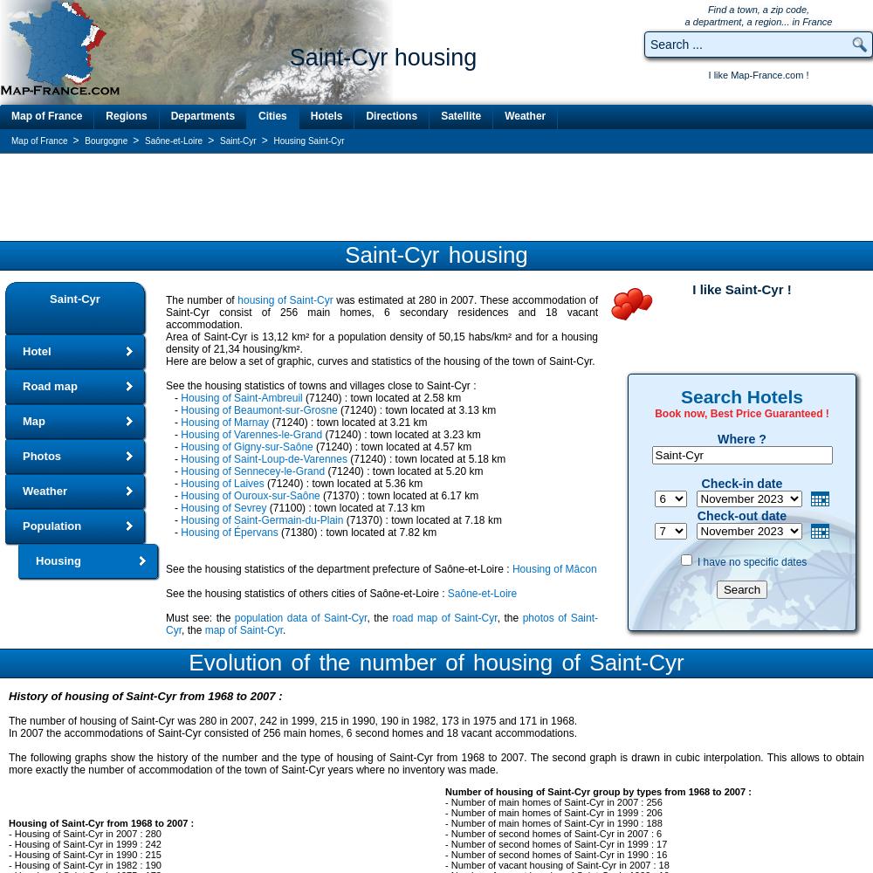  I want to click on 'Housing of Laives', so click(222, 484).